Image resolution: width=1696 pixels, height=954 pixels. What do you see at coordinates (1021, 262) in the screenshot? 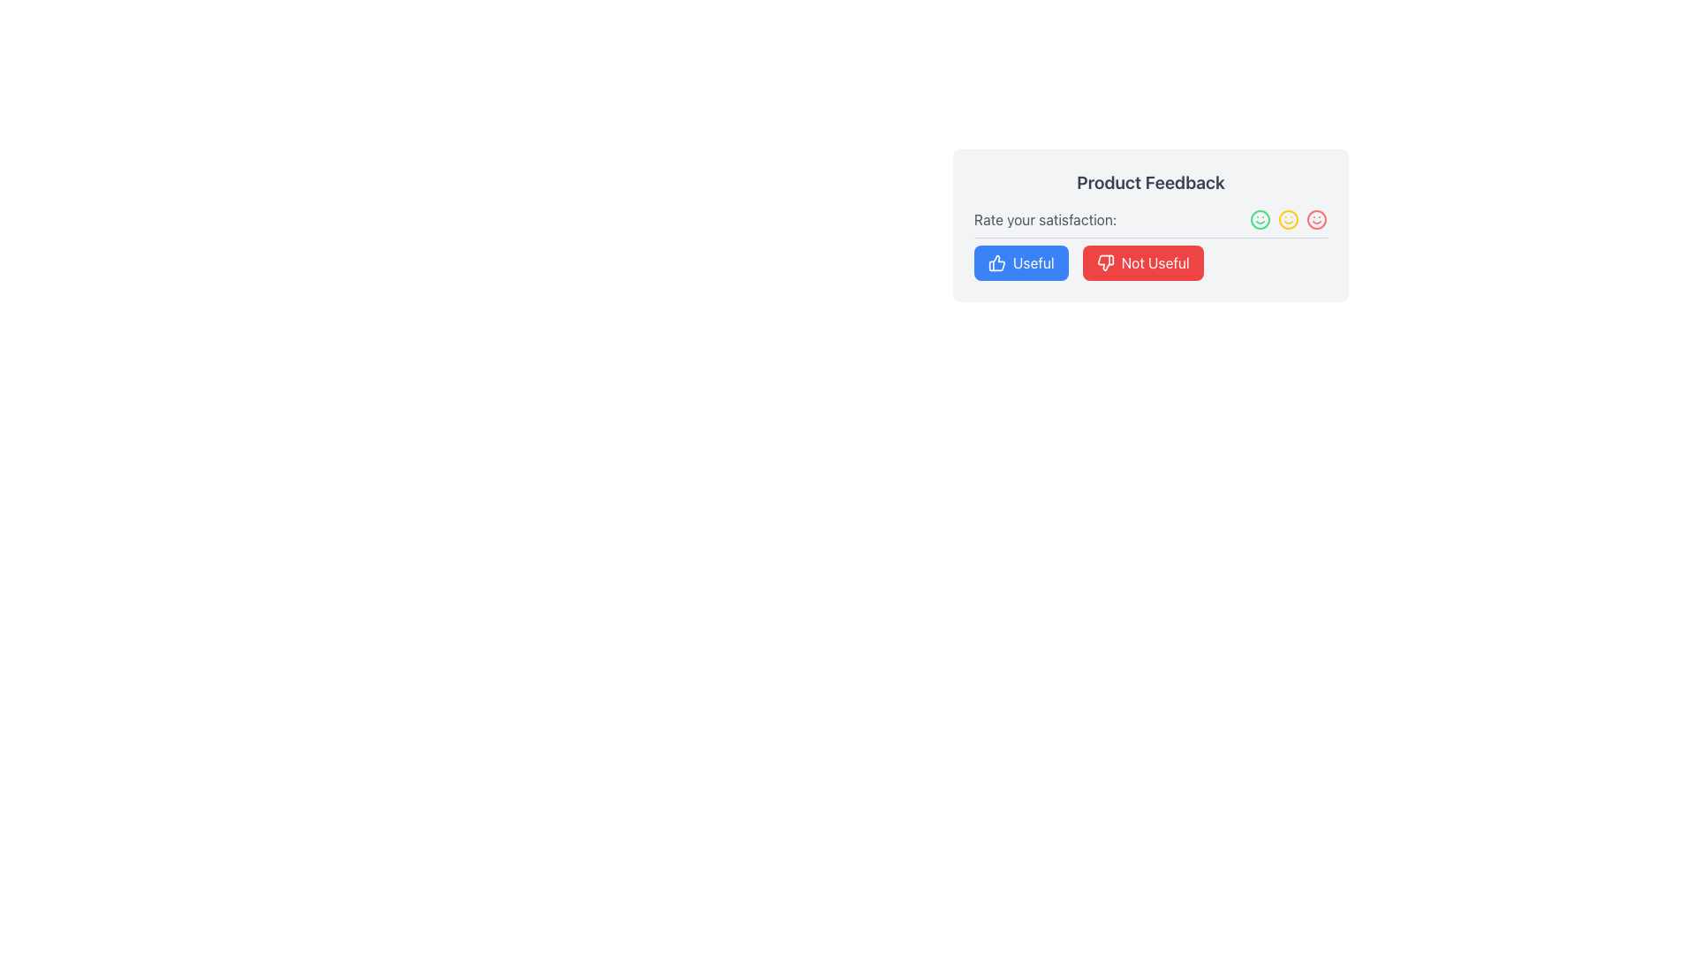
I see `the blue button with rounded corners and a thumbs-up icon labeled 'Useful' to indicate positive feedback` at bounding box center [1021, 262].